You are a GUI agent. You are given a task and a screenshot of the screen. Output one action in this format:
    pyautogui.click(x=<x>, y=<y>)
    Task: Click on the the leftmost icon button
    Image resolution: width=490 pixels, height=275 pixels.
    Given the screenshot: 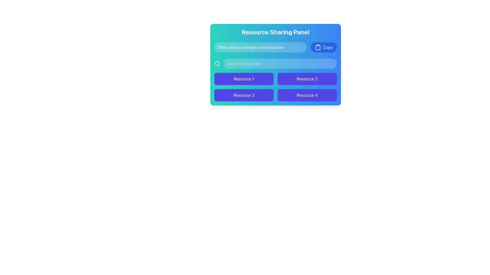 What is the action you would take?
    pyautogui.click(x=217, y=63)
    